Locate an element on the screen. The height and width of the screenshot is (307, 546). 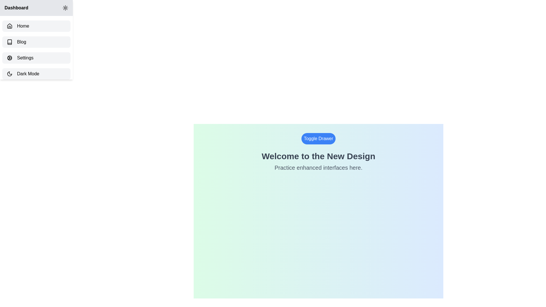
drawer toggle button in the sidebar to toggle the drawer is located at coordinates (65, 8).